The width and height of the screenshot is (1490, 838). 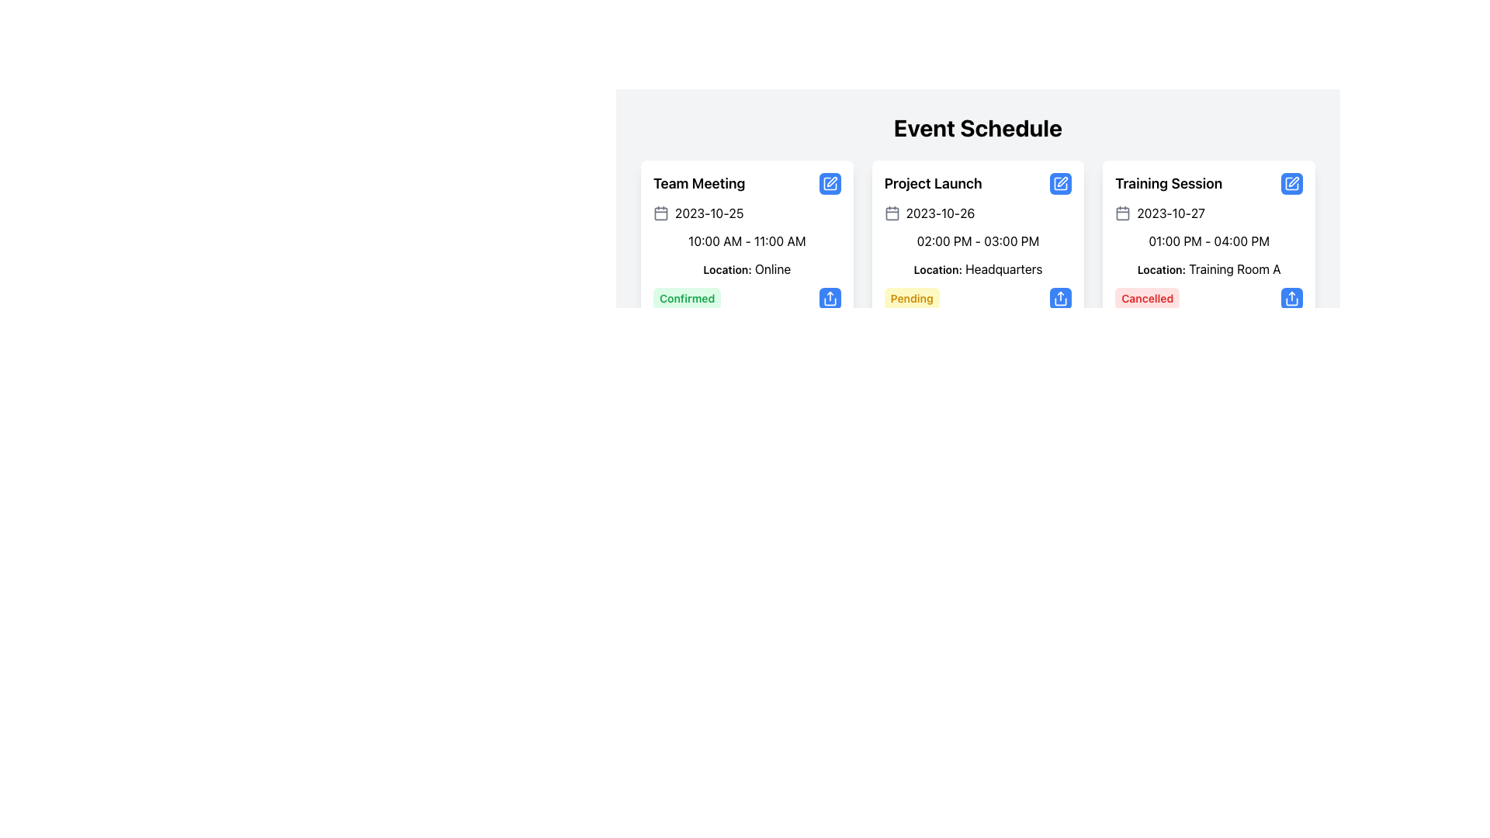 What do you see at coordinates (660, 213) in the screenshot?
I see `the date icon representing '2023-10-25' at the start of the event details for 'Team Meeting' in the 'Event Schedule' section` at bounding box center [660, 213].